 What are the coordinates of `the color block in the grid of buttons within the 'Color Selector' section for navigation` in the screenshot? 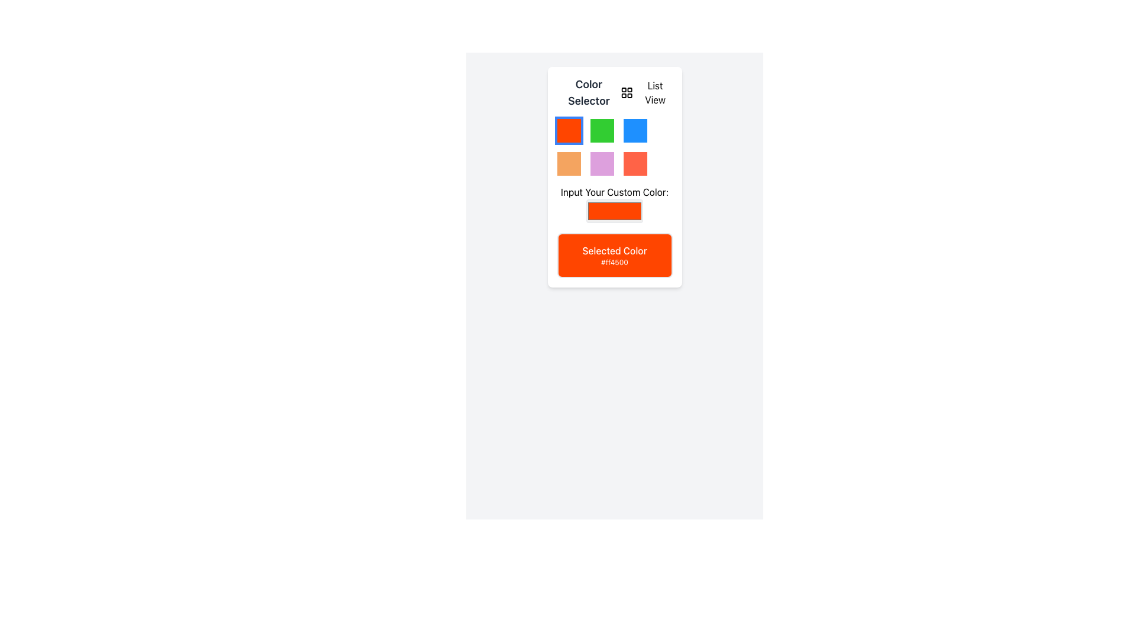 It's located at (614, 147).